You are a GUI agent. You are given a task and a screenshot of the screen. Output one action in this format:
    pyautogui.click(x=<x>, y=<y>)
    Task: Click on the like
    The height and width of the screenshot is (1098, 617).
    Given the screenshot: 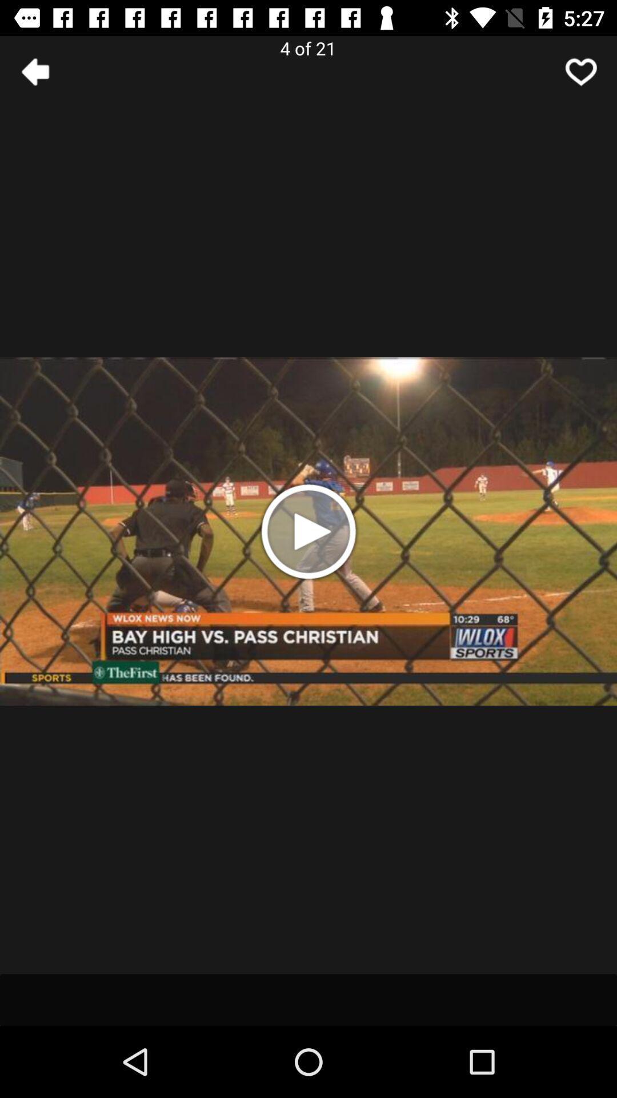 What is the action you would take?
    pyautogui.click(x=581, y=71)
    